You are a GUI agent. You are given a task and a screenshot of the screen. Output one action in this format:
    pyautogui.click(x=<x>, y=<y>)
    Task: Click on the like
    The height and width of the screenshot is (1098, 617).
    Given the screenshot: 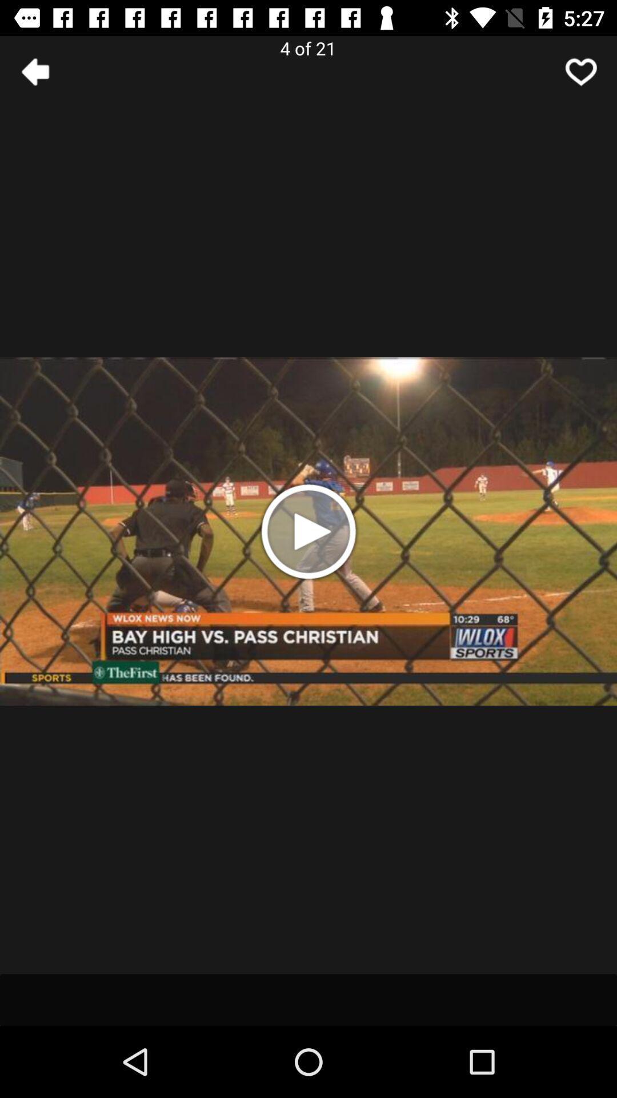 What is the action you would take?
    pyautogui.click(x=581, y=71)
    